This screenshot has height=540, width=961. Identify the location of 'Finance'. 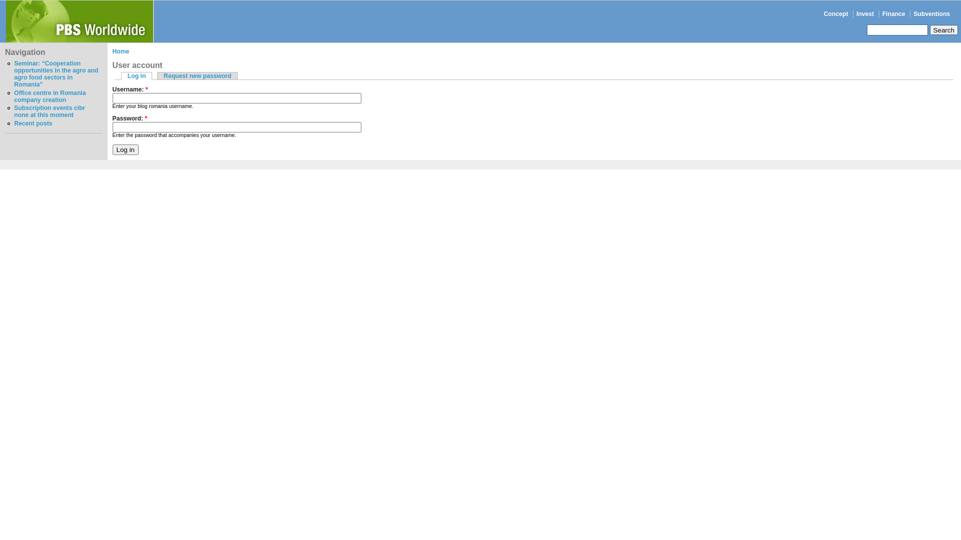
(893, 13).